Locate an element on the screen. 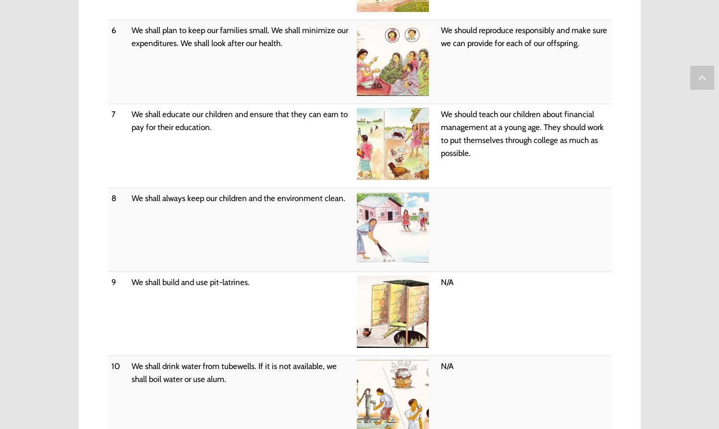  '7' is located at coordinates (112, 113).